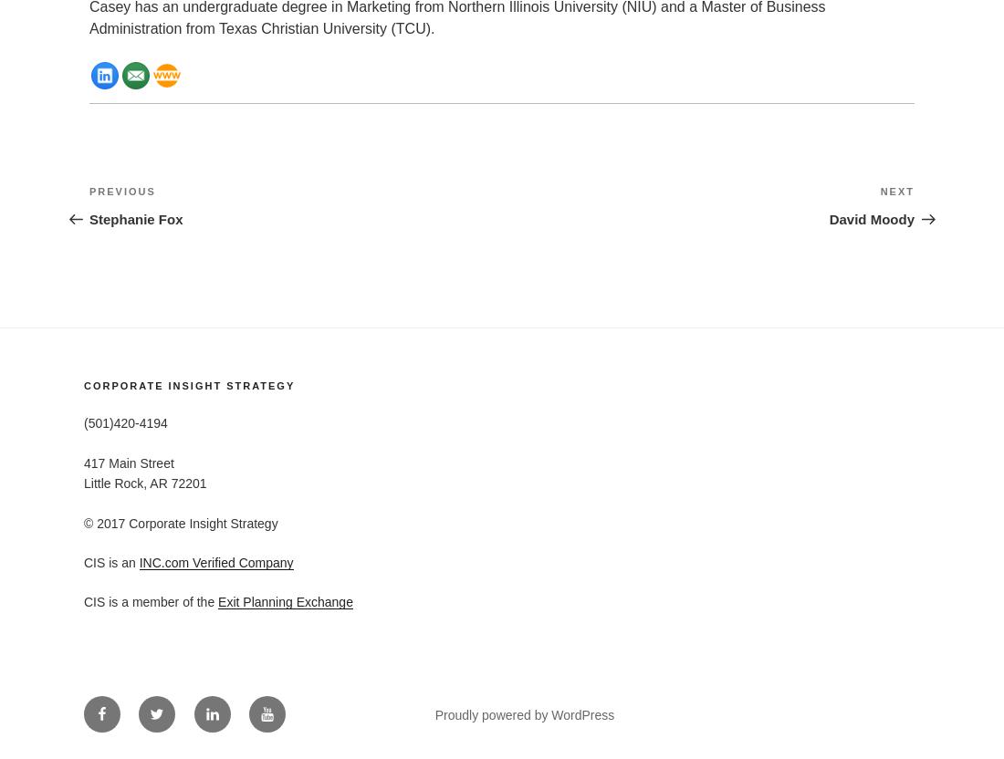  What do you see at coordinates (284, 602) in the screenshot?
I see `'Exit Planning Exchange'` at bounding box center [284, 602].